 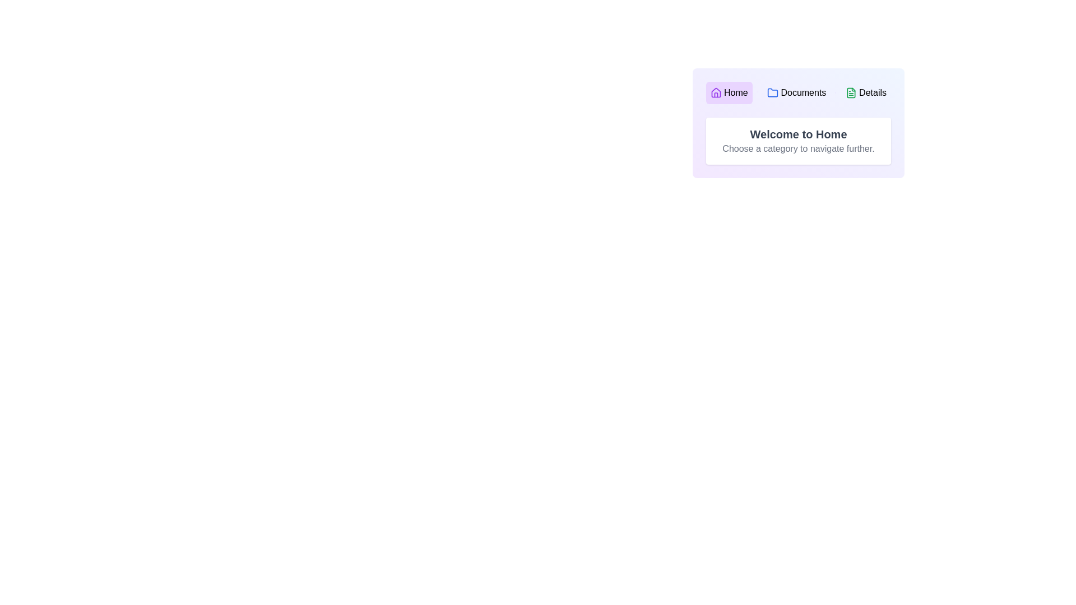 What do you see at coordinates (798, 92) in the screenshot?
I see `Breadcrumb navigation bar located at the upper section of the welcome message box by hovering over it` at bounding box center [798, 92].